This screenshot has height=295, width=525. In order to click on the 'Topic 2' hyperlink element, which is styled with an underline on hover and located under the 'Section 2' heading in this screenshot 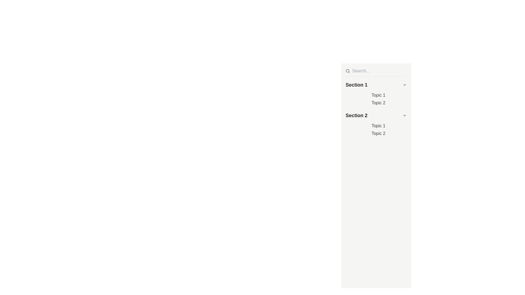, I will do `click(378, 133)`.